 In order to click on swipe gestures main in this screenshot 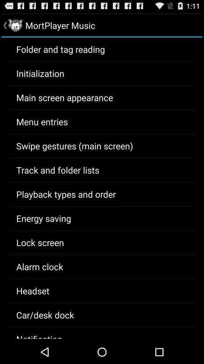, I will do `click(74, 145)`.